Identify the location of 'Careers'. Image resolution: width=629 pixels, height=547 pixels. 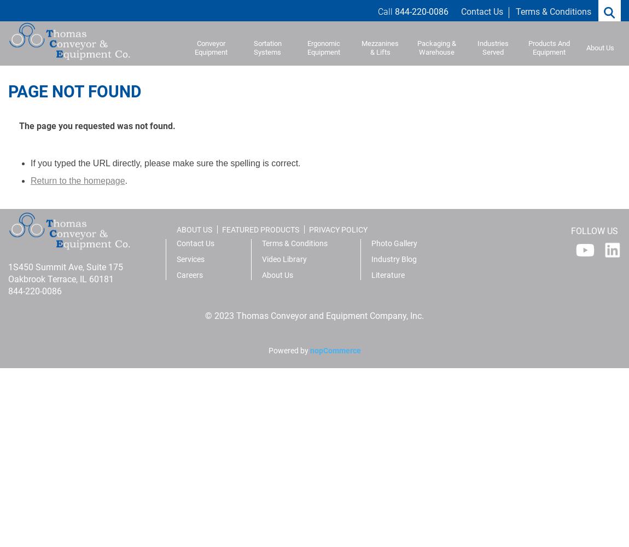
(189, 275).